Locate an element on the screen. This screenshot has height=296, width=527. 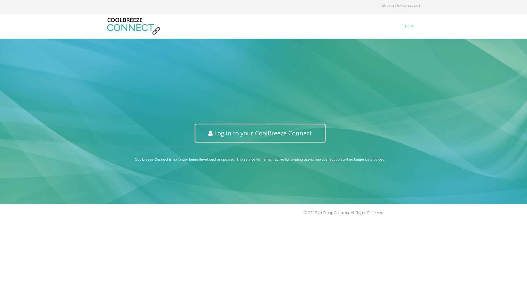
'Log in to your CoolBreeze Connect' is located at coordinates (260, 133).